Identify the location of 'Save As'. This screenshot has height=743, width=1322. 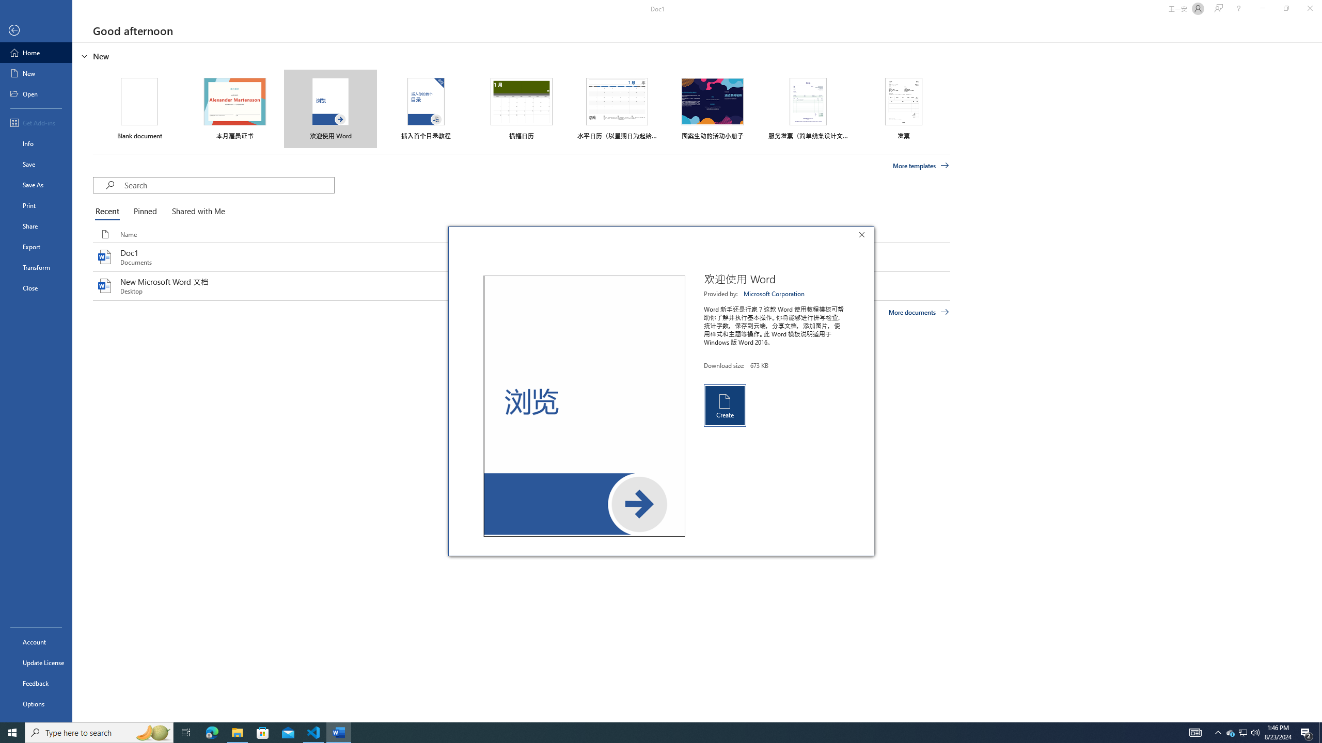
(36, 184).